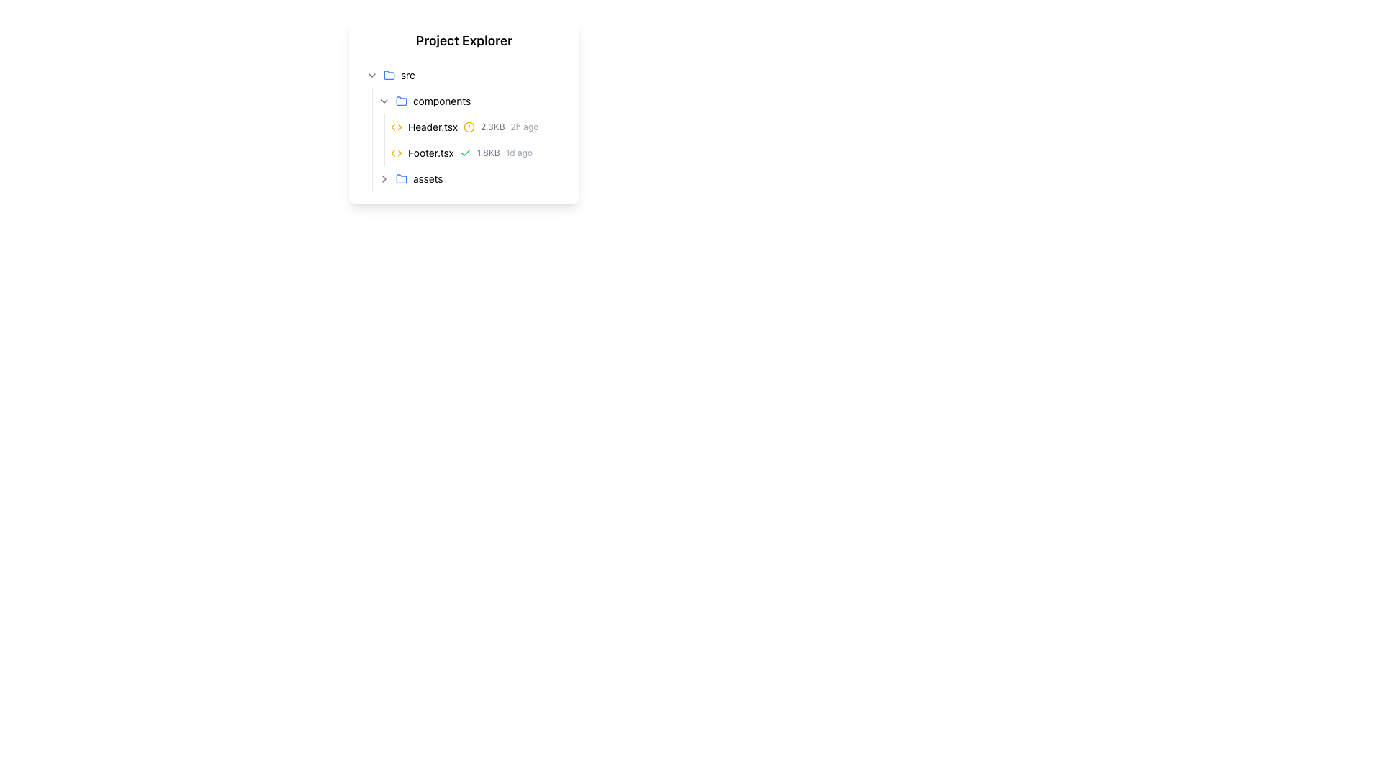 This screenshot has height=777, width=1382. I want to click on the green check mark icon located to the left of the file size '1.8KB' under the 'components' folder entry for the file 'Footer.tsx', so click(465, 153).